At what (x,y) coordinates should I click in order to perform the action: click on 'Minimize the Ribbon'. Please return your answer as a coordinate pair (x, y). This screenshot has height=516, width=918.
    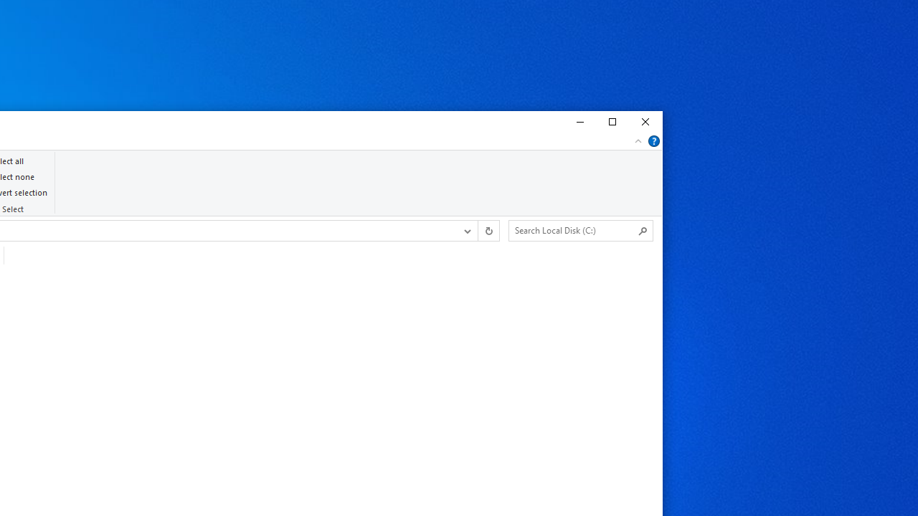
    Looking at the image, I should click on (638, 140).